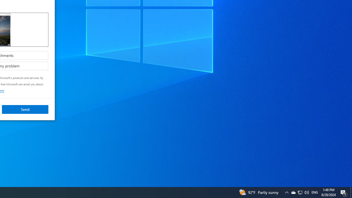  Describe the element at coordinates (306, 192) in the screenshot. I see `'User Promoted Notification Area'` at that location.